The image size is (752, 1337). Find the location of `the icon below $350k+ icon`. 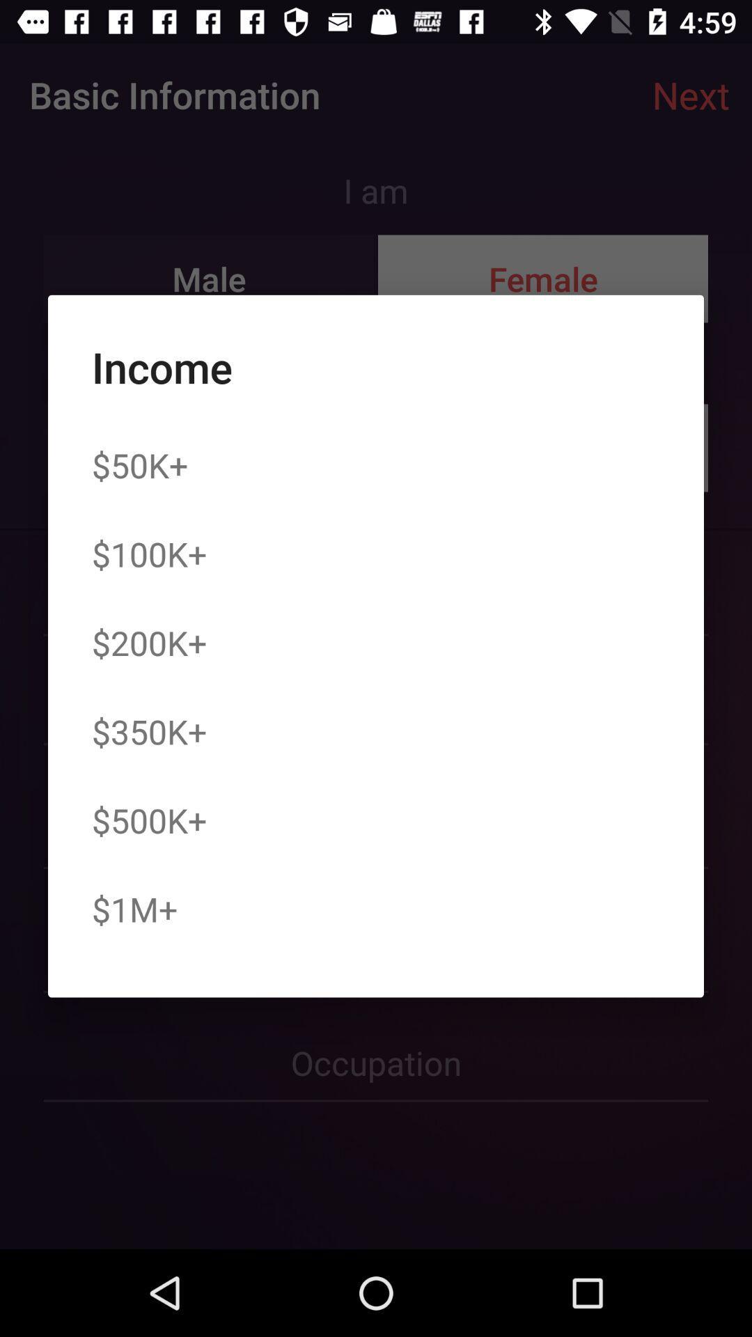

the icon below $350k+ icon is located at coordinates (149, 820).